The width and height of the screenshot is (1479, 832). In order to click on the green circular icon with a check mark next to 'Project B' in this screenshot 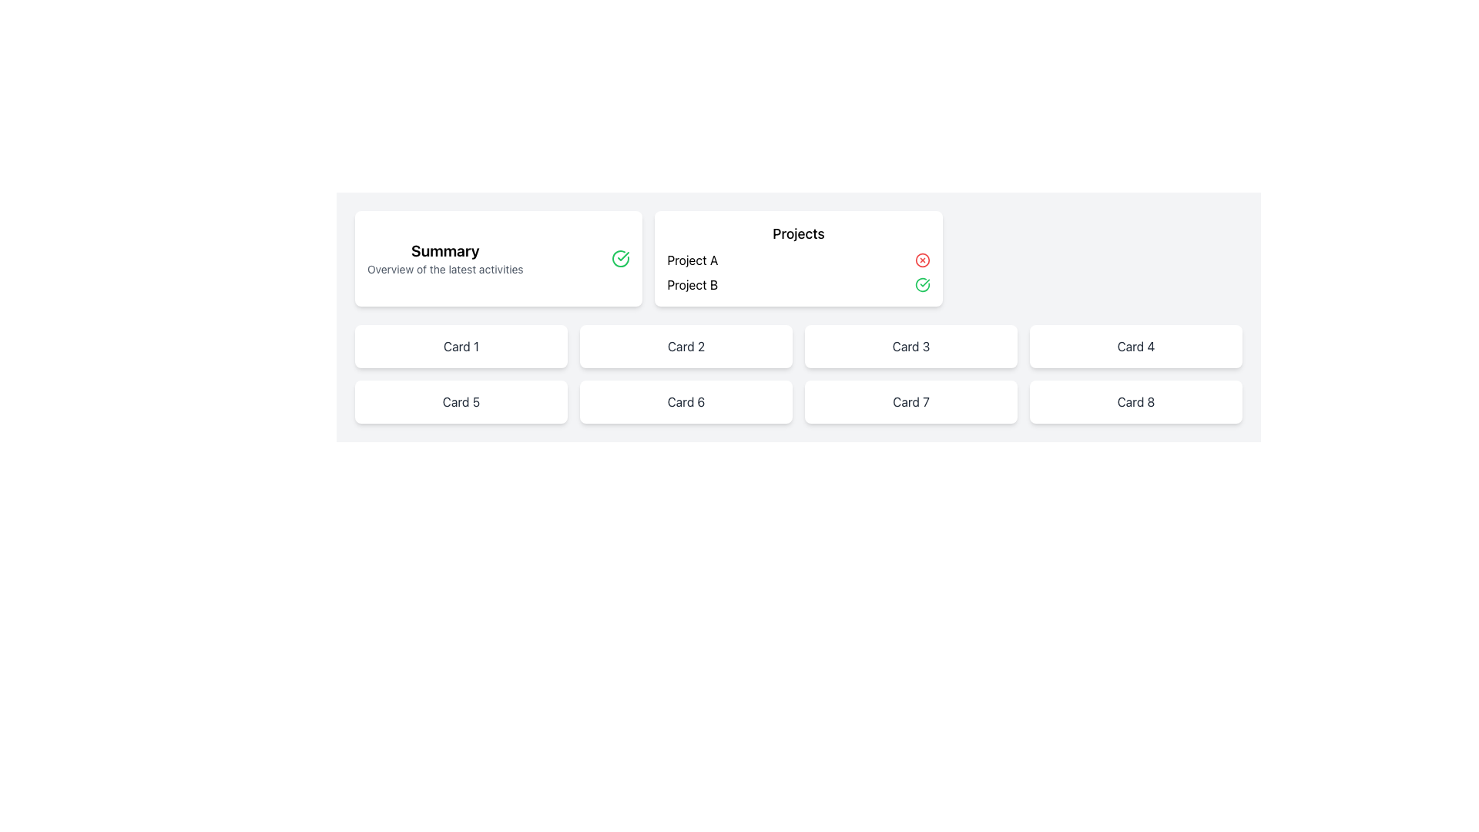, I will do `click(922, 285)`.